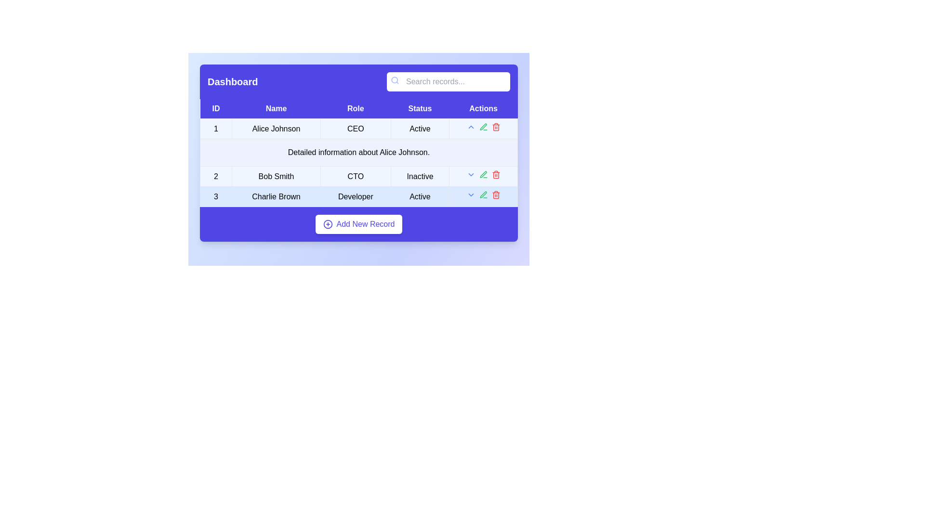 The width and height of the screenshot is (925, 520). I want to click on the static text element displaying the role 'CTO' for user 'Bob Smith' in the second row of the table under the 'Role' column, so click(355, 176).